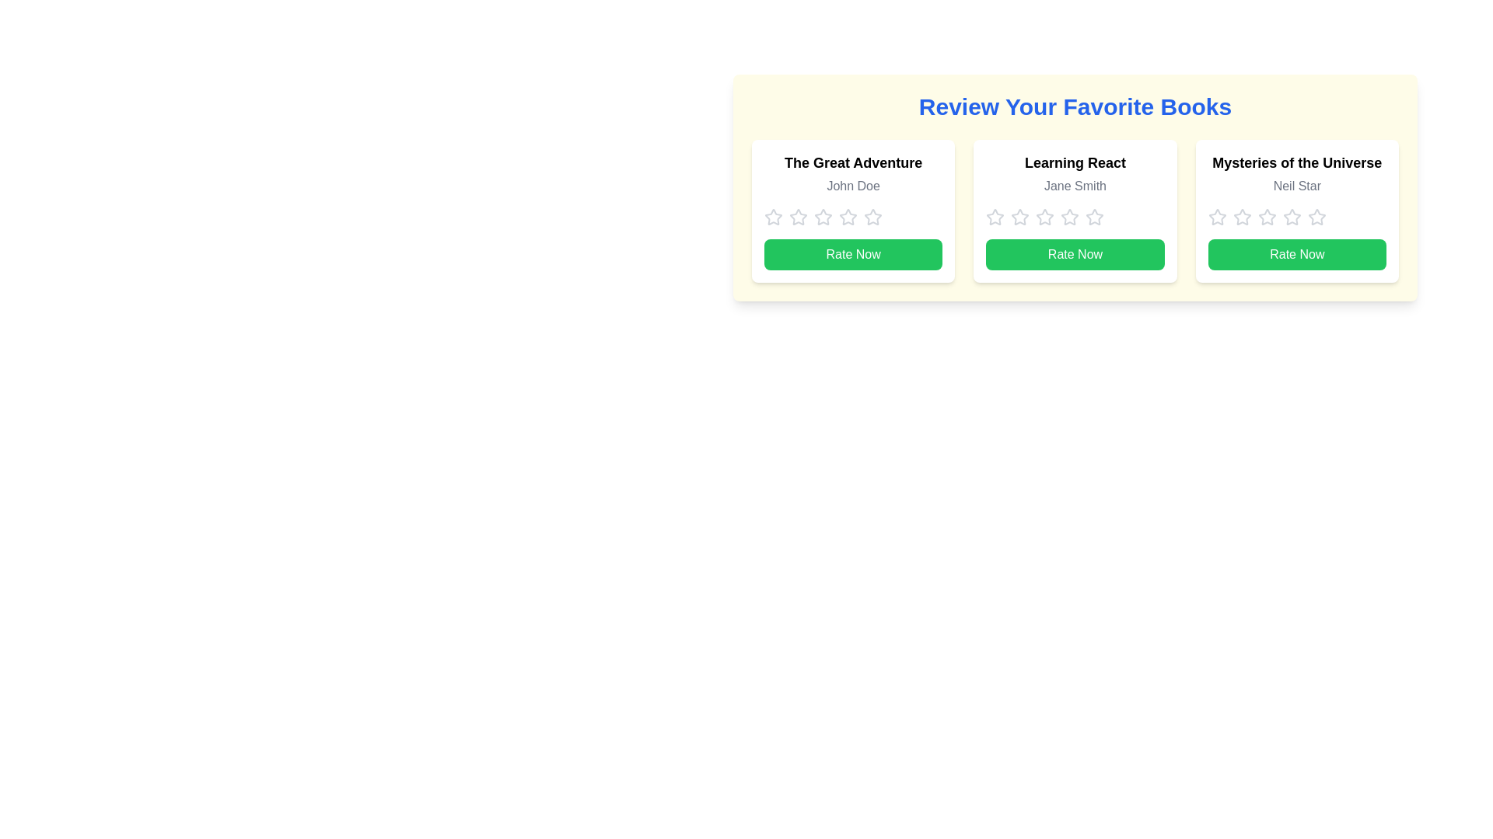 The image size is (1493, 839). I want to click on the second star icon for rating selection associated with the book 'Mysteries of the Universe' by Neil Star, so click(1241, 218).